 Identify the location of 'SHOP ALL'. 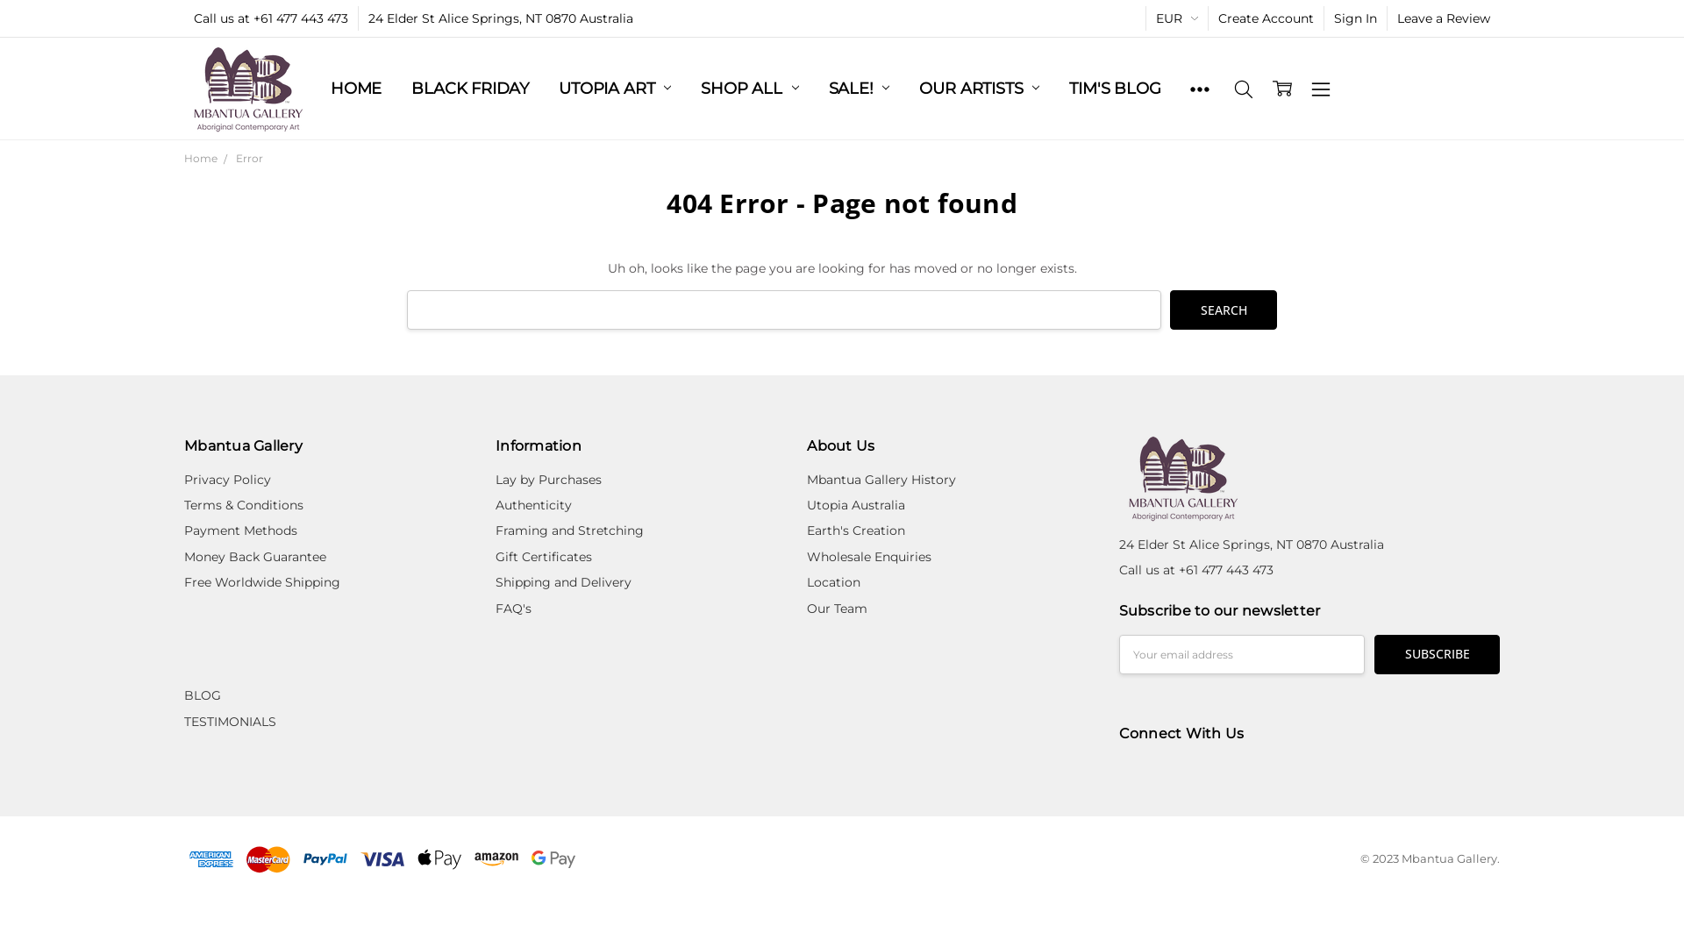
(685, 88).